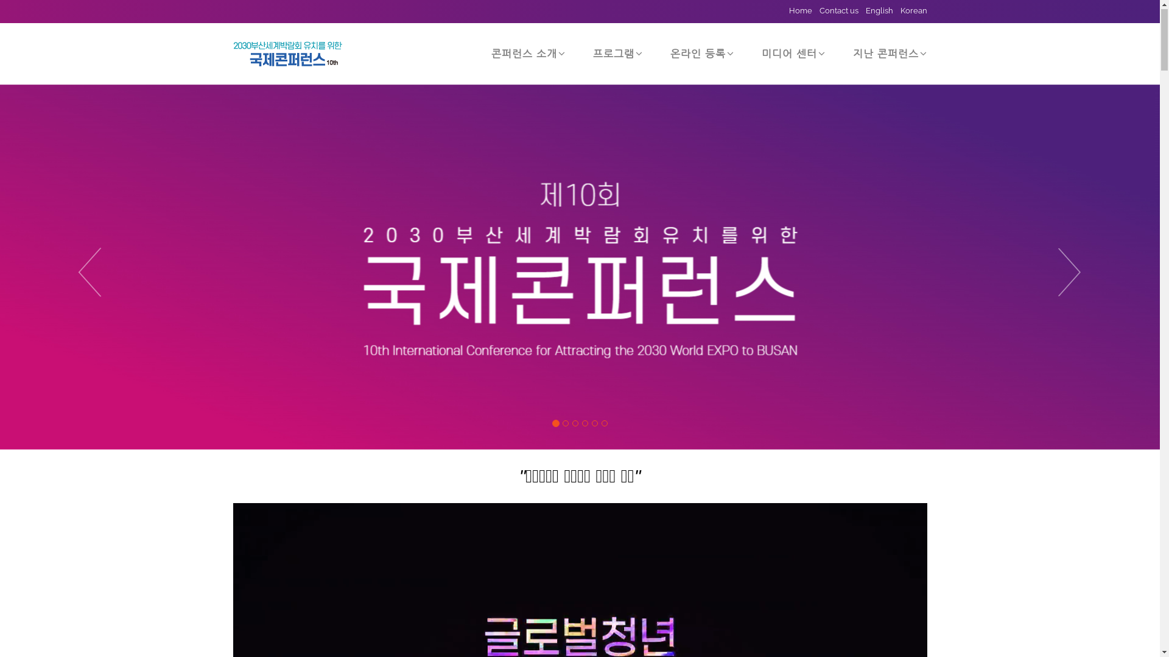  What do you see at coordinates (875, 12) in the screenshot?
I see `'English'` at bounding box center [875, 12].